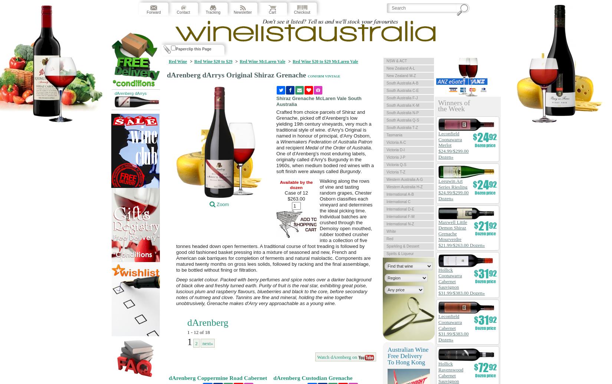  Describe the element at coordinates (276, 101) in the screenshot. I see `'McLaren Vale South Australia'` at that location.